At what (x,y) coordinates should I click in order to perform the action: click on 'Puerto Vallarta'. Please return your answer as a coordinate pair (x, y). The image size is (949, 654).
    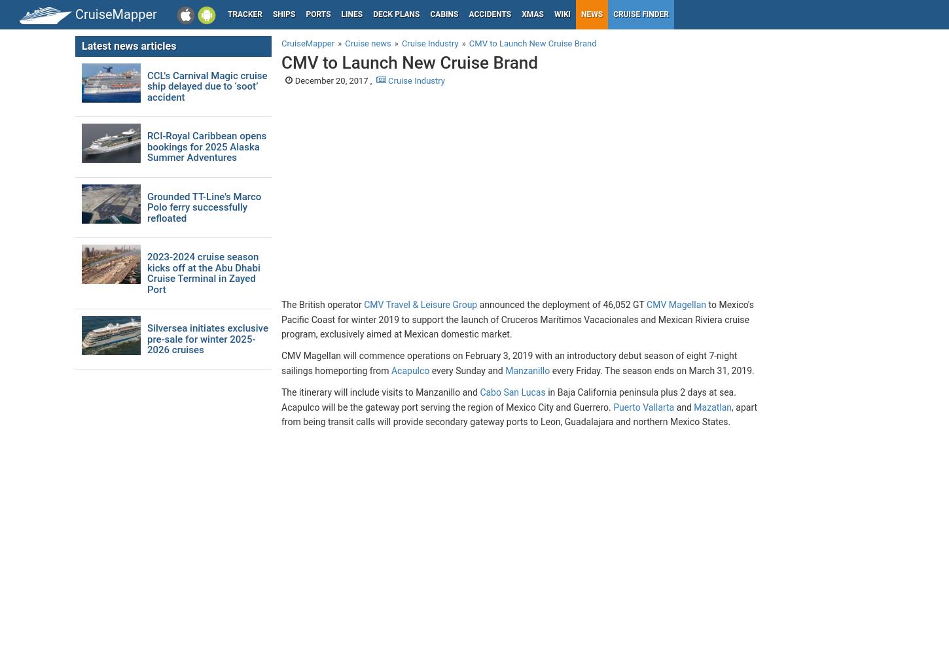
    Looking at the image, I should click on (612, 406).